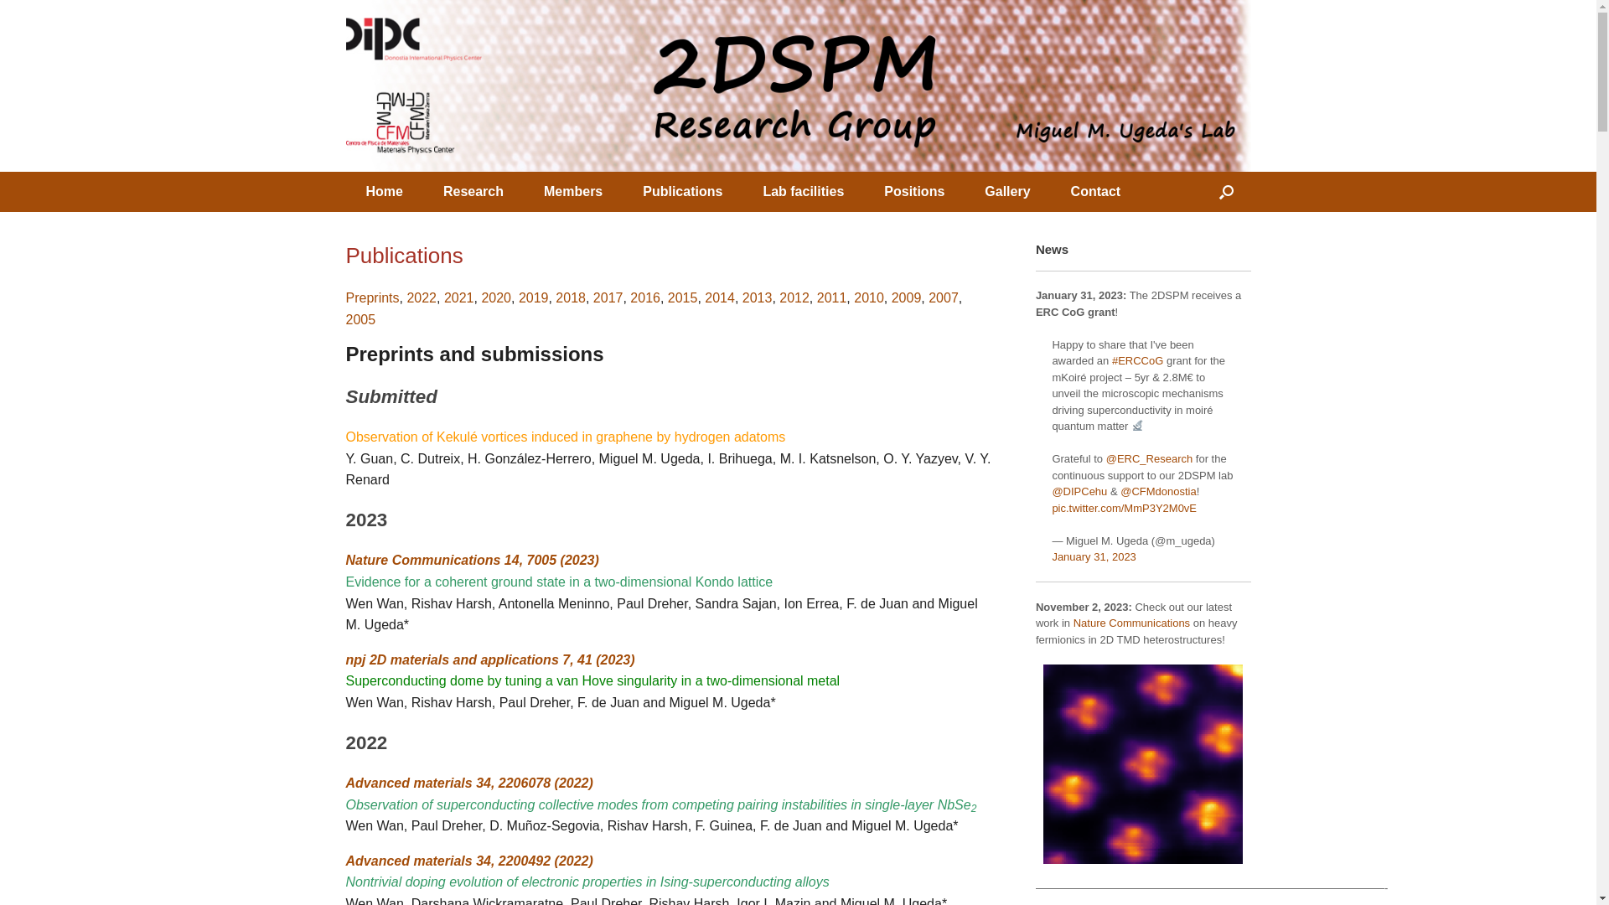  I want to click on 'pic.twitter.com/MmP3Y2M0vE', so click(1124, 506).